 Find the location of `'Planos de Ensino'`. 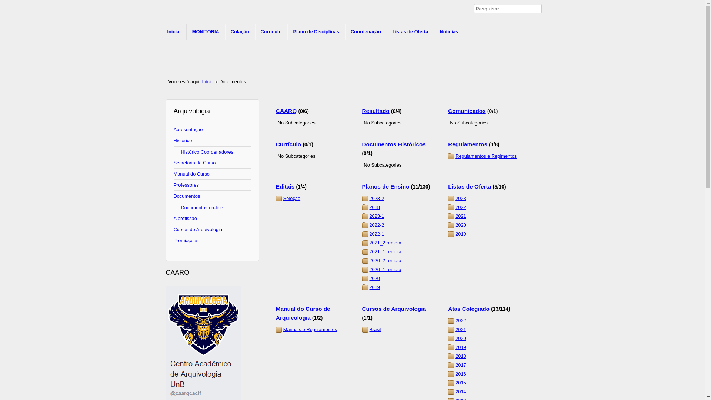

'Planos de Ensino' is located at coordinates (385, 186).